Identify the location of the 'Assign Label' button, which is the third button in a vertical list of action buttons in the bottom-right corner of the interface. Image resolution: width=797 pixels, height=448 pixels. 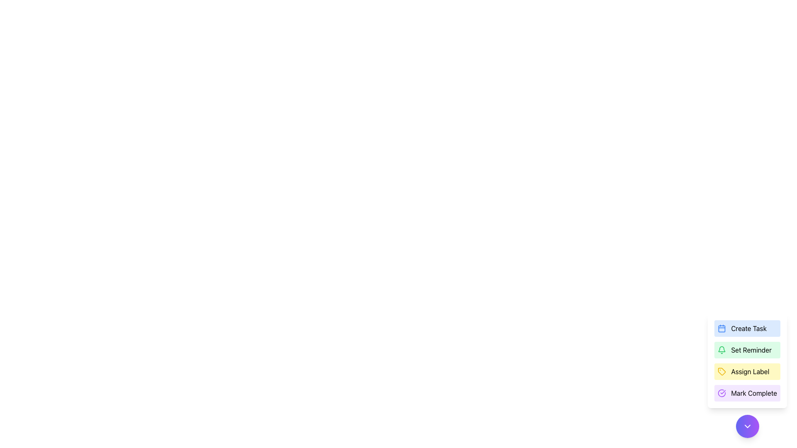
(747, 376).